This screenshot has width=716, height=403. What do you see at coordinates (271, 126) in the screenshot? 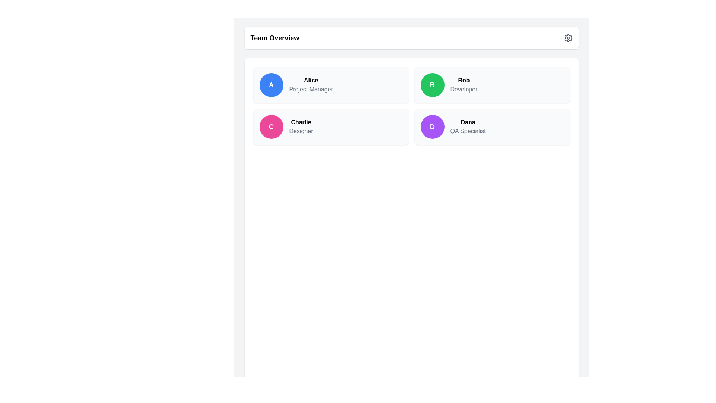
I see `the circular badge representing the user 'Charlie' with a bright pink background and a white uppercase letter 'C' at its center, located in the 'Team Overview' section` at bounding box center [271, 126].